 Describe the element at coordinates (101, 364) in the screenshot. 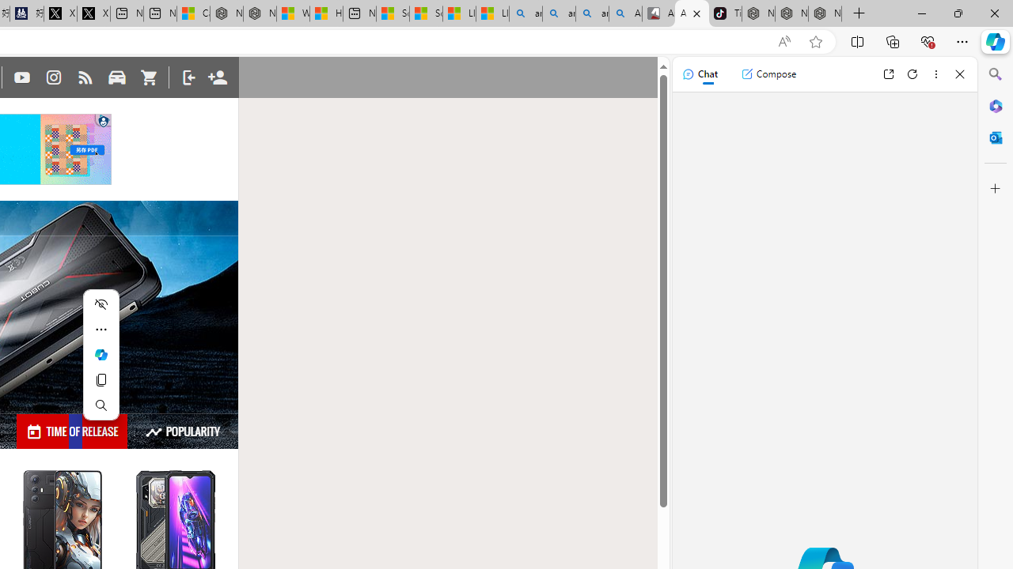

I see `'Mini menu on text selection'` at that location.